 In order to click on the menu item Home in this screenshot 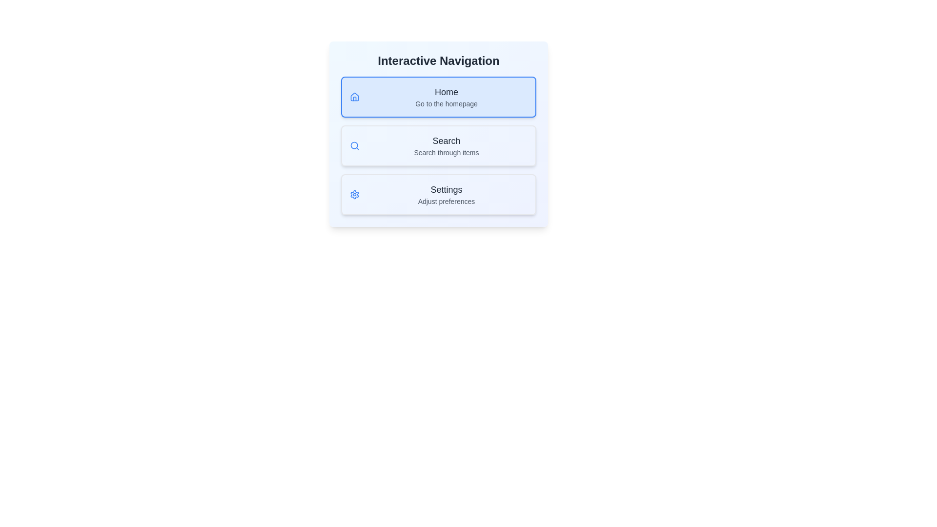, I will do `click(438, 97)`.